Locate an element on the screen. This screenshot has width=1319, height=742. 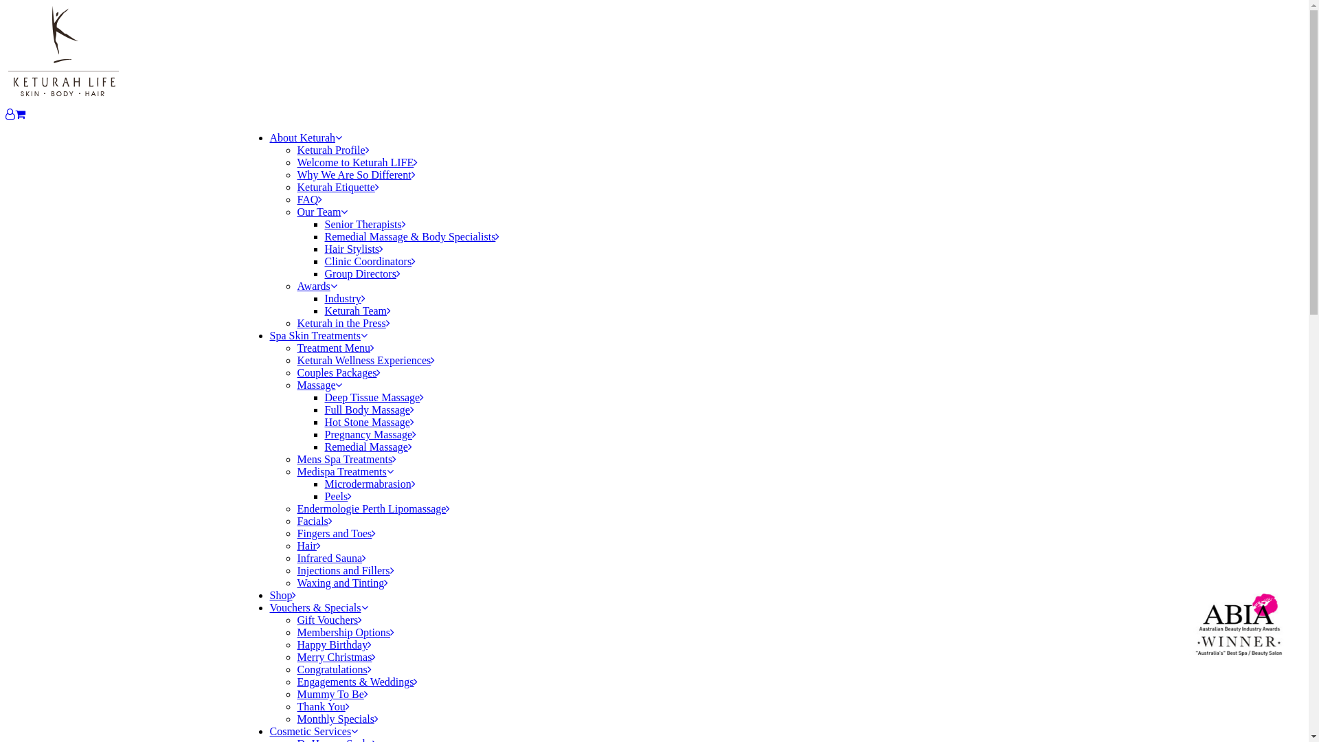
'Membership Options' is located at coordinates (346, 632).